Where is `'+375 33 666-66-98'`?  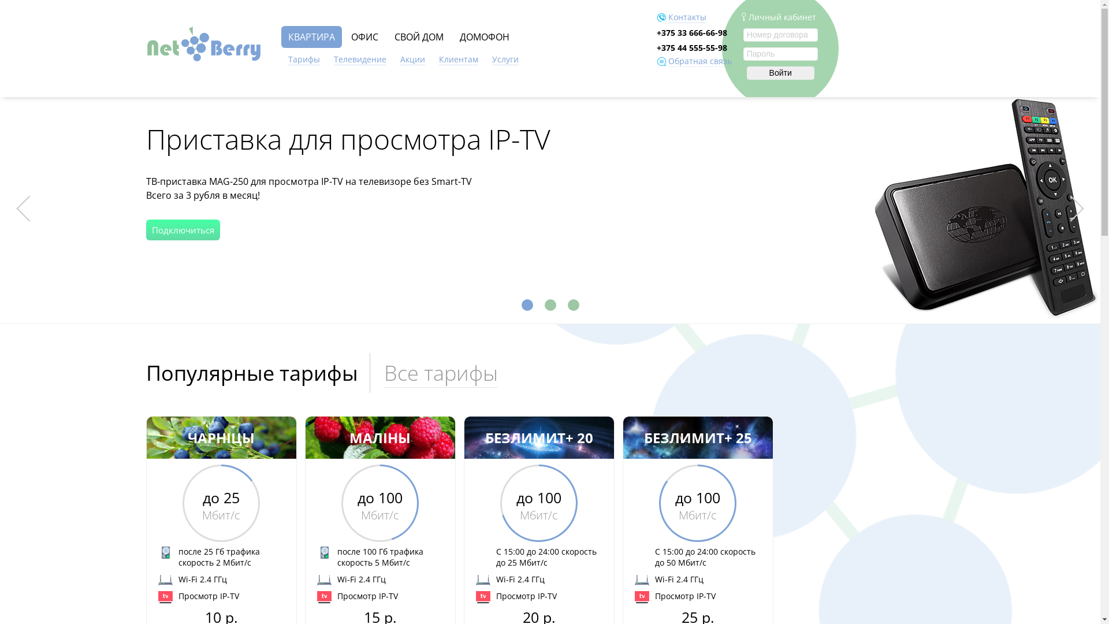 '+375 33 666-66-98' is located at coordinates (691, 32).